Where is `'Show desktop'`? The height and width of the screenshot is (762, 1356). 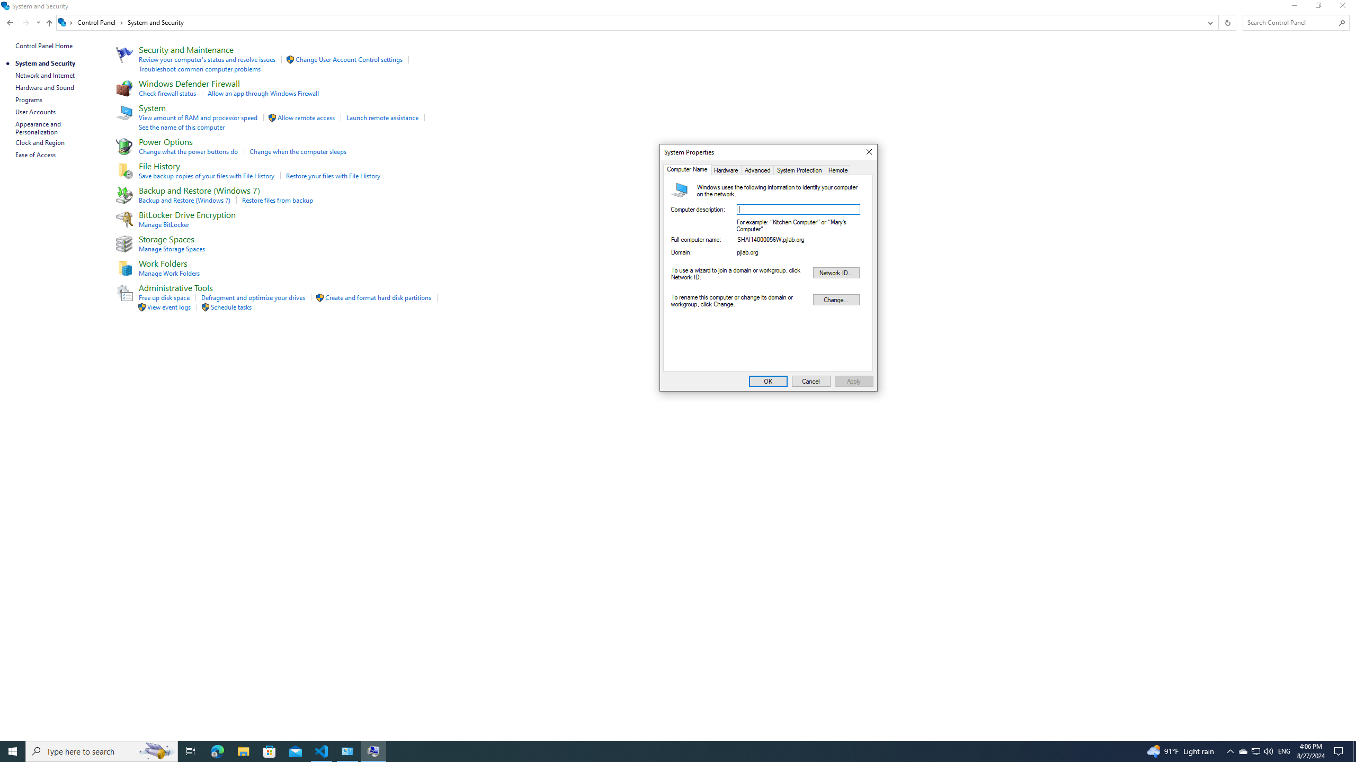 'Show desktop' is located at coordinates (1354, 750).